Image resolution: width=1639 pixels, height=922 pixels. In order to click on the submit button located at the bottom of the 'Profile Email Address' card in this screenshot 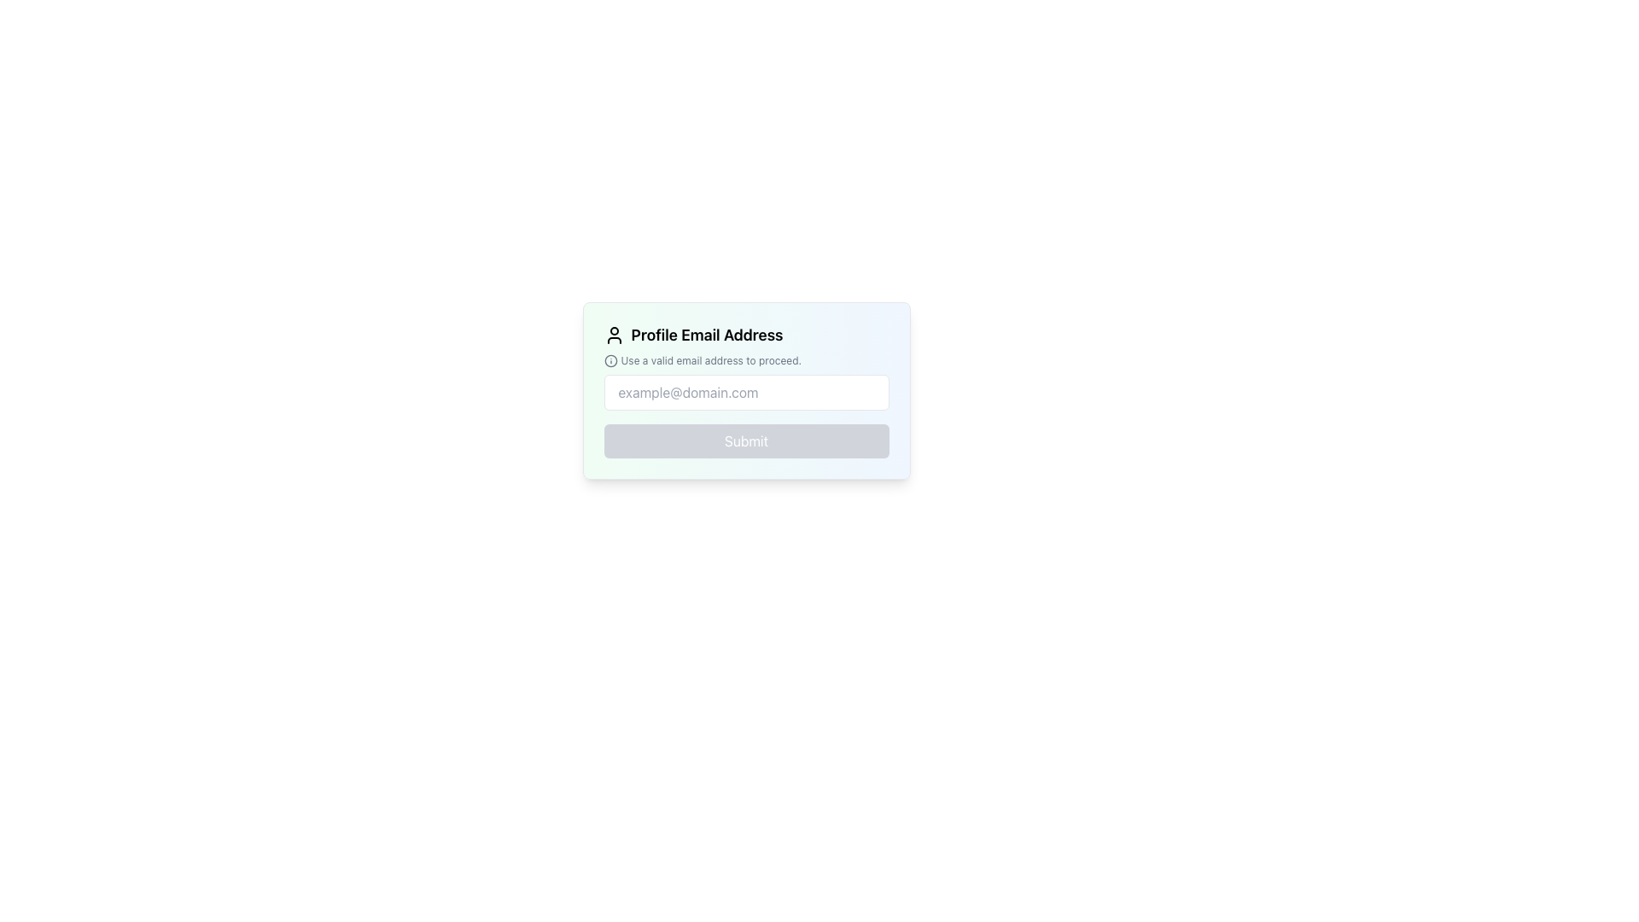, I will do `click(746, 440)`.